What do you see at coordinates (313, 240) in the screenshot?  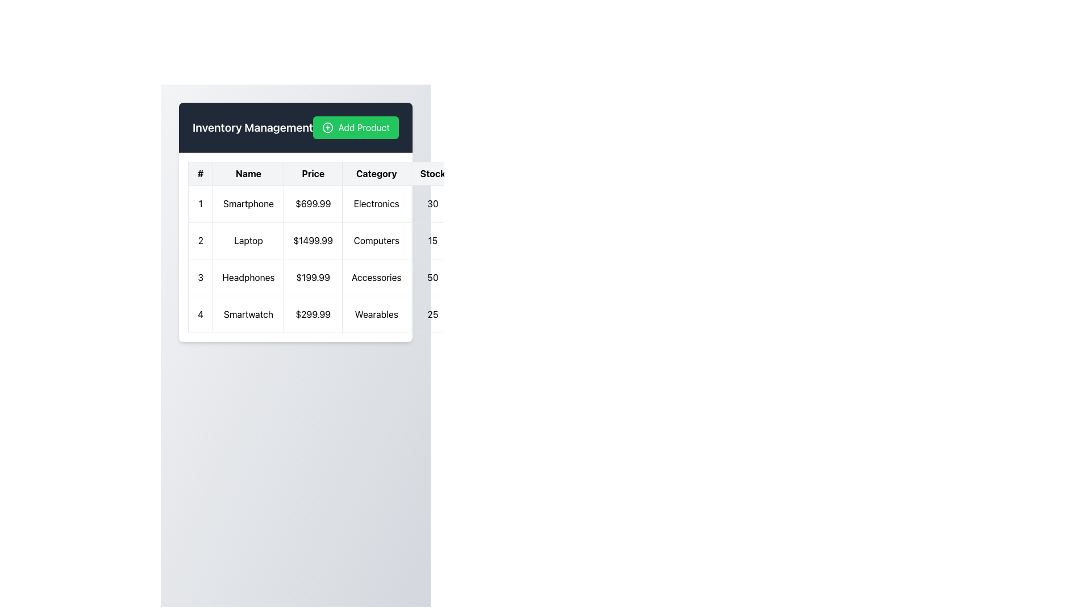 I see `the static text element displaying the product price located in the third column of the second row of the table, under the 'Price' label and adjacent to the 'Laptop' name cell` at bounding box center [313, 240].